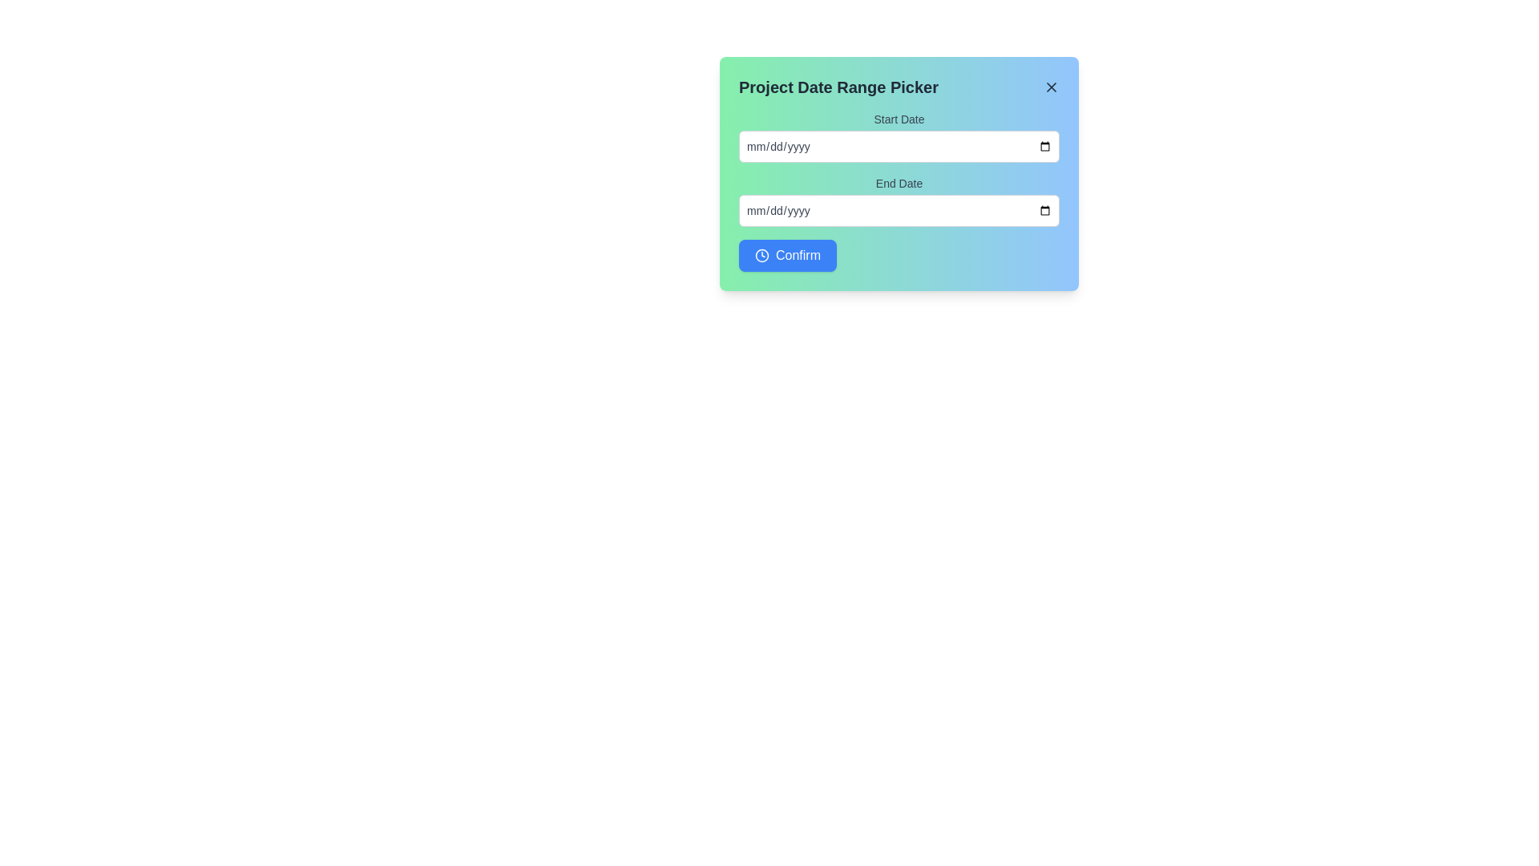 This screenshot has height=866, width=1539. Describe the element at coordinates (761, 255) in the screenshot. I see `the clock icon located within the 'Confirm' button at the bottom center of the modal interface` at that location.